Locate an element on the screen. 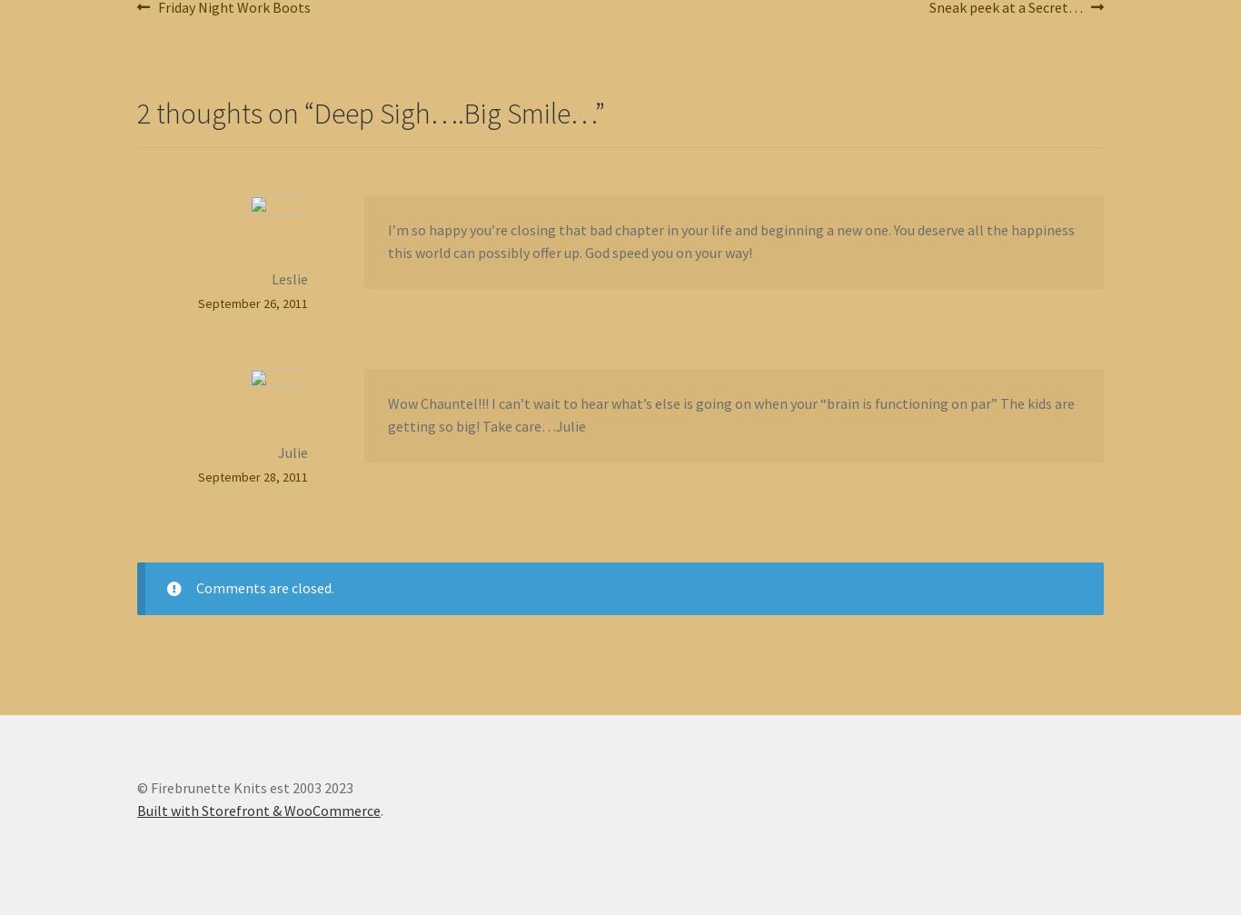 The image size is (1241, 915). 'Julie' is located at coordinates (292, 451).